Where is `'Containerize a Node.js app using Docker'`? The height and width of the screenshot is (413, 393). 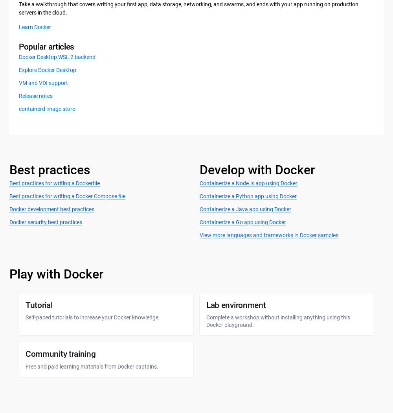
'Containerize a Node.js app using Docker' is located at coordinates (248, 183).